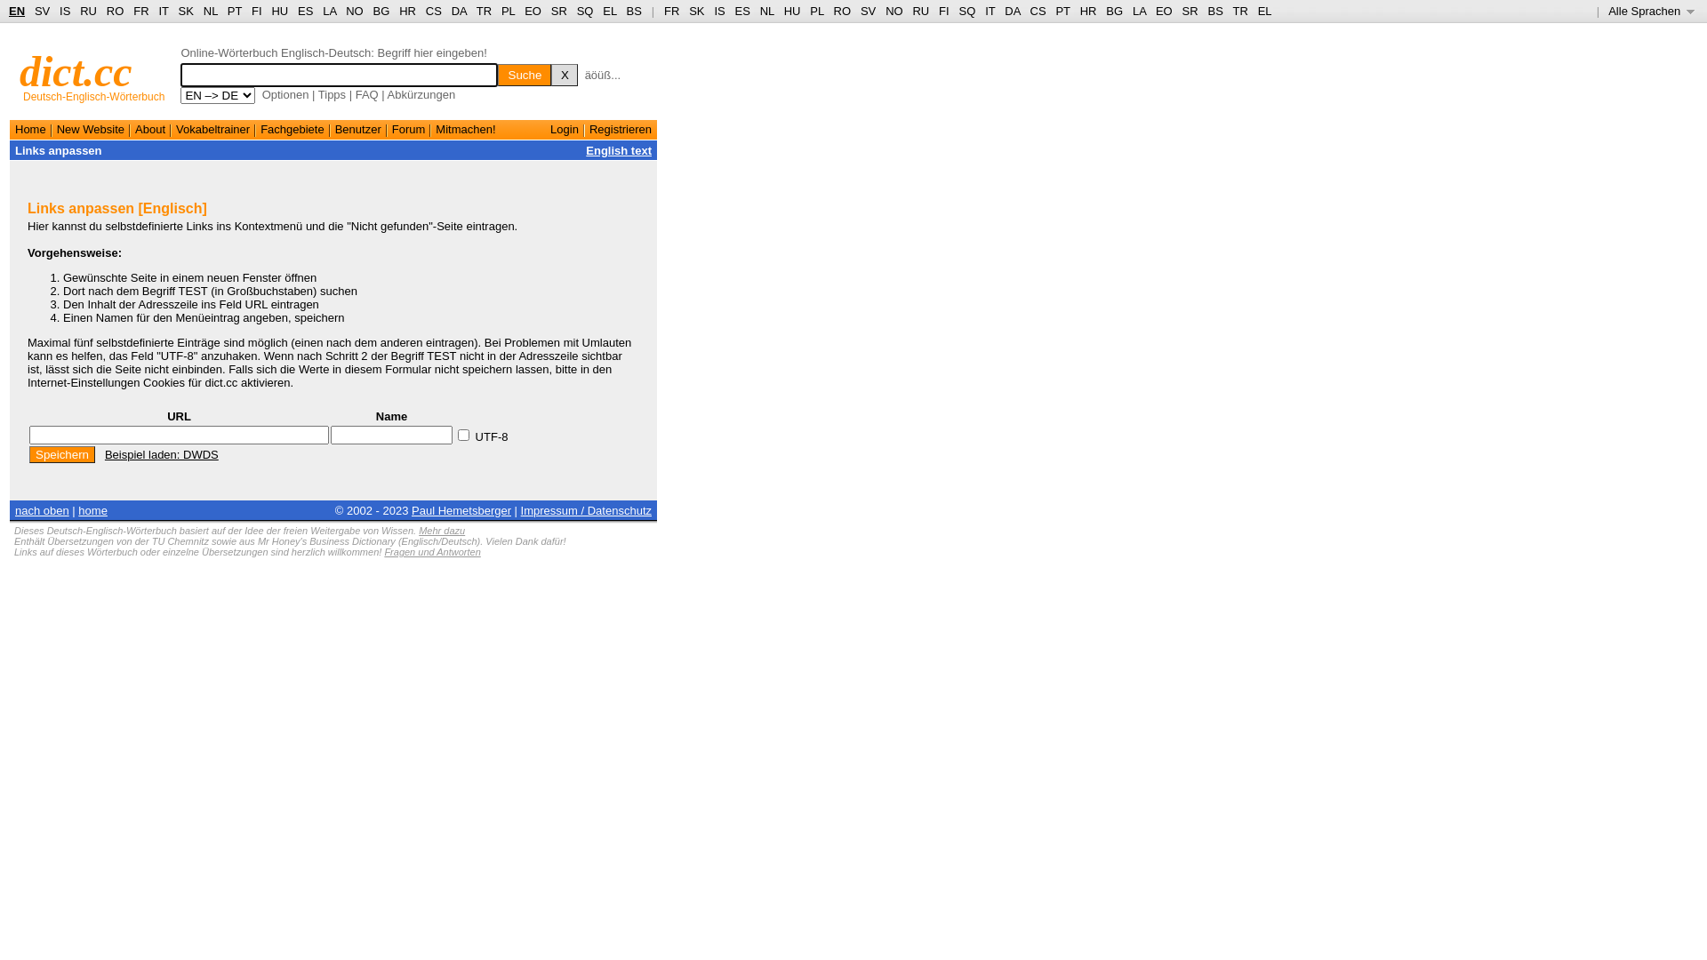 The image size is (1707, 960). Describe the element at coordinates (920, 11) in the screenshot. I see `'RU'` at that location.